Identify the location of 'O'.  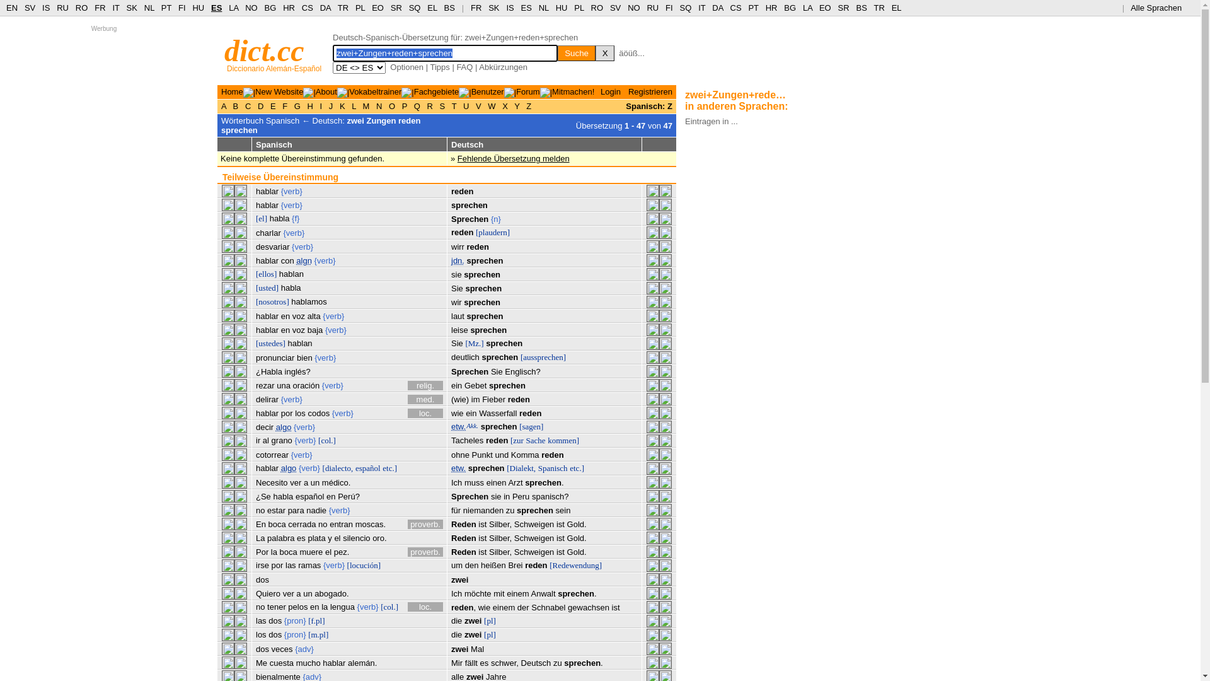
(391, 105).